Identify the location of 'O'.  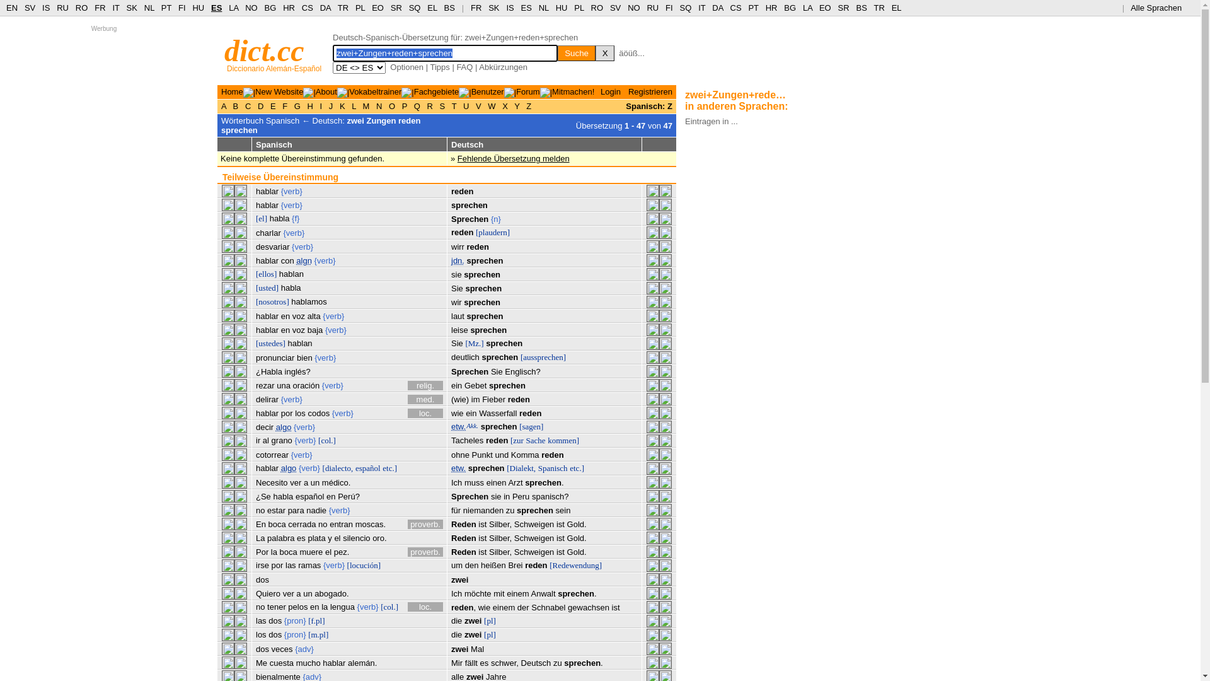
(391, 105).